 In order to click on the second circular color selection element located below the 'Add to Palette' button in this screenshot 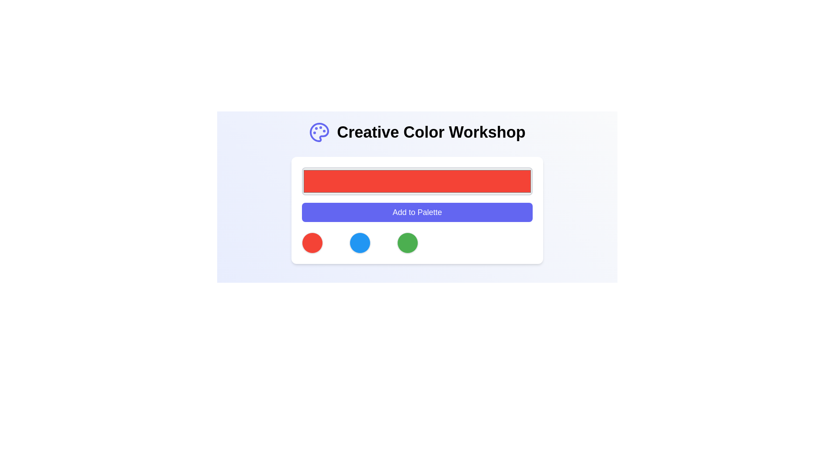, I will do `click(360, 243)`.